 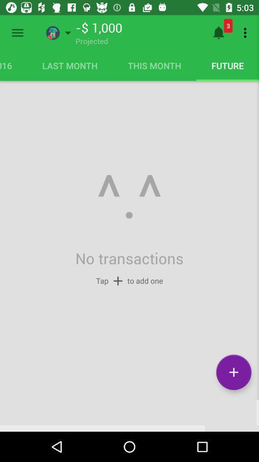 What do you see at coordinates (233, 372) in the screenshot?
I see `the  symbol shown inside the circle at the bottom right corner of the page` at bounding box center [233, 372].